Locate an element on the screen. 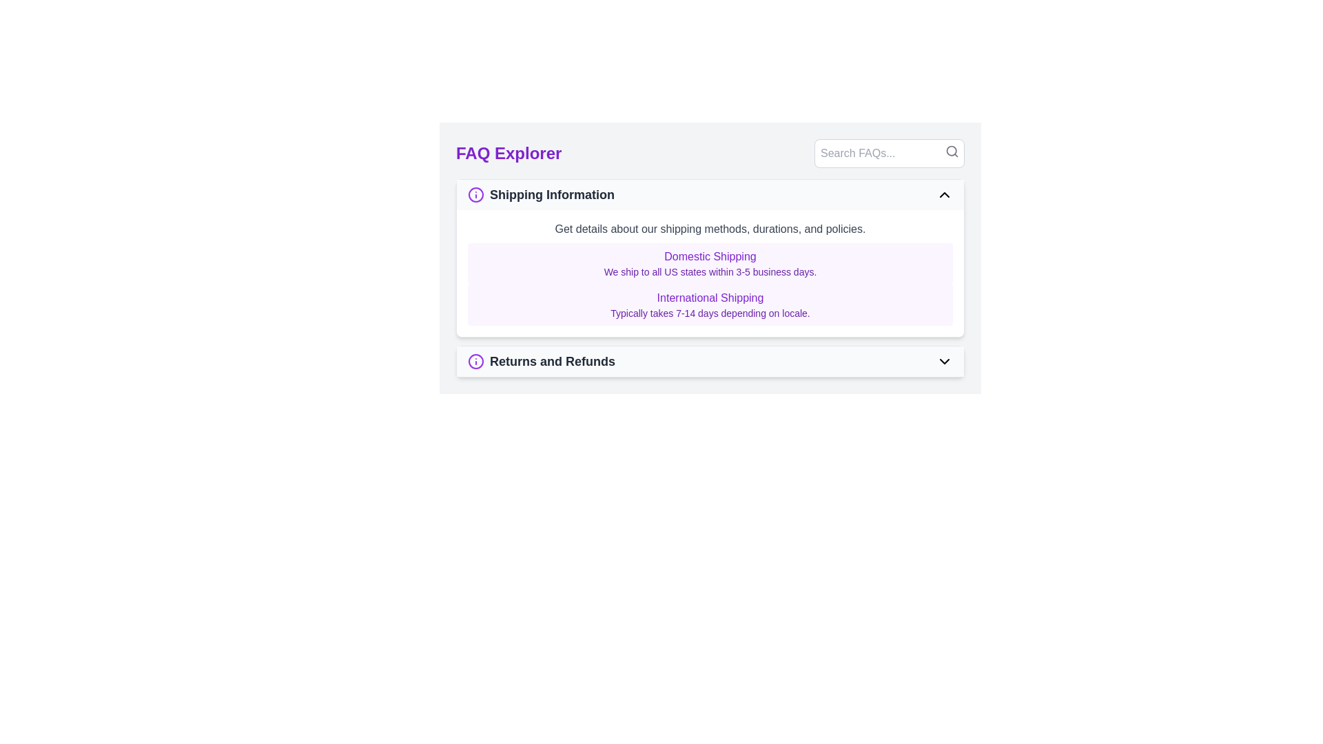 Image resolution: width=1323 pixels, height=744 pixels. the upward-facing chevron toggle icon located in the top-right corner of the 'Shipping Information' header section is located at coordinates (944, 194).